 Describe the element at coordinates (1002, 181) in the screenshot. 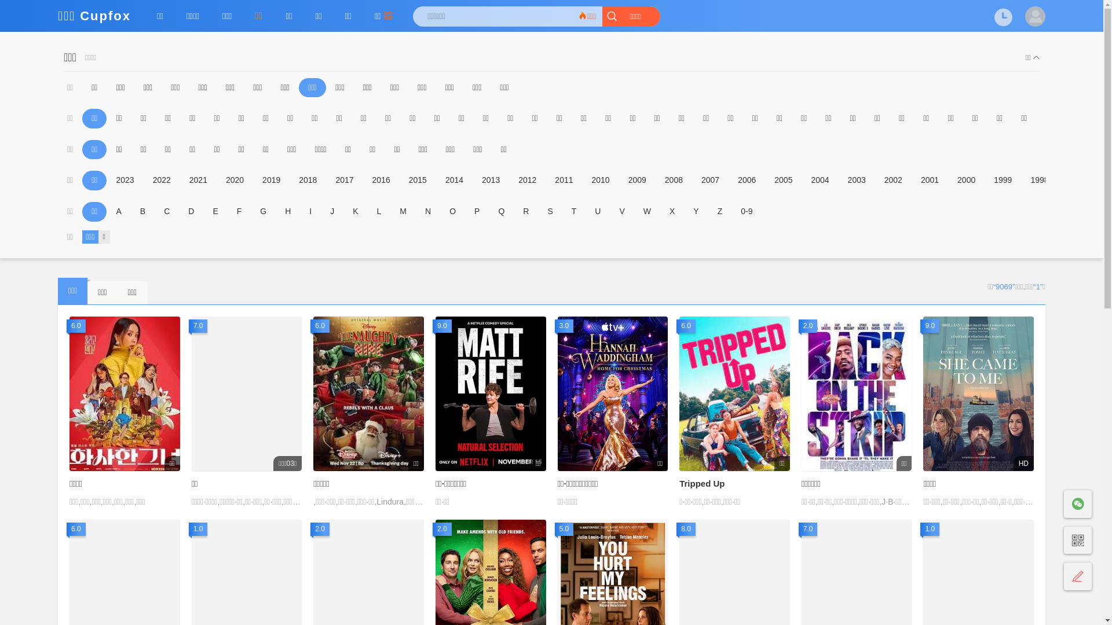

I see `'1999'` at that location.